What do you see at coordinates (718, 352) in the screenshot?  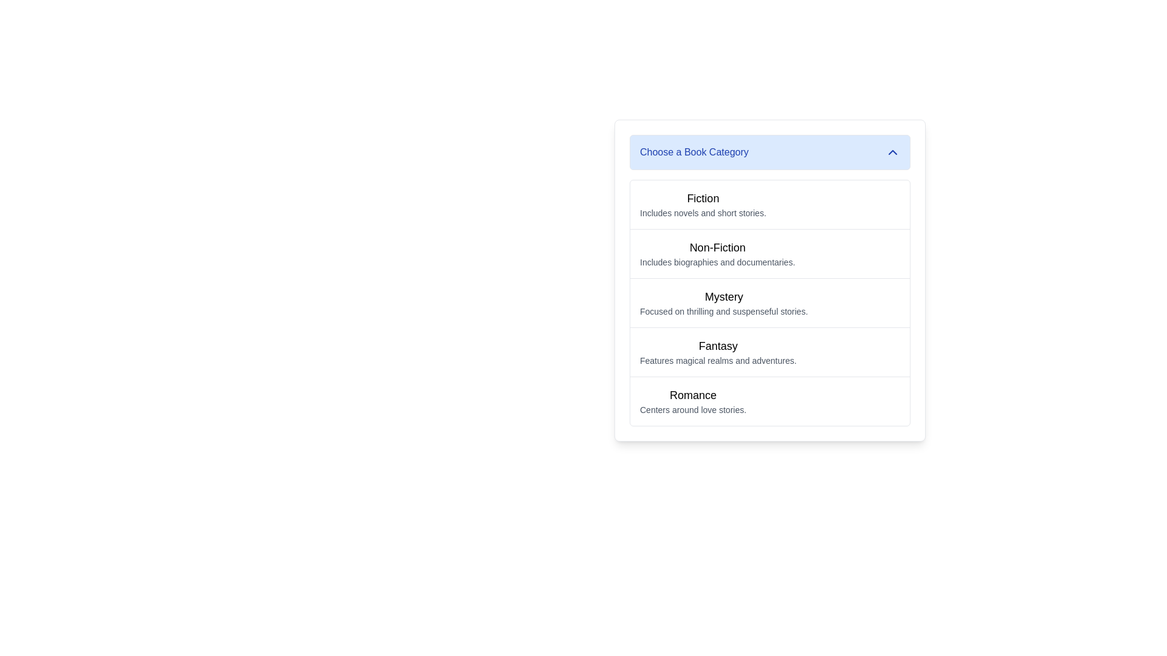 I see `the text label displaying 'Fantasy' with a description of 'Features magical realms and adventures.' located in the fourth row of the book category list under 'Choose a Book Category'` at bounding box center [718, 352].